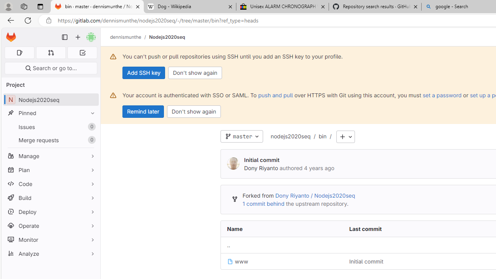 The image size is (496, 279). I want to click on 'Analyze', so click(50, 253).